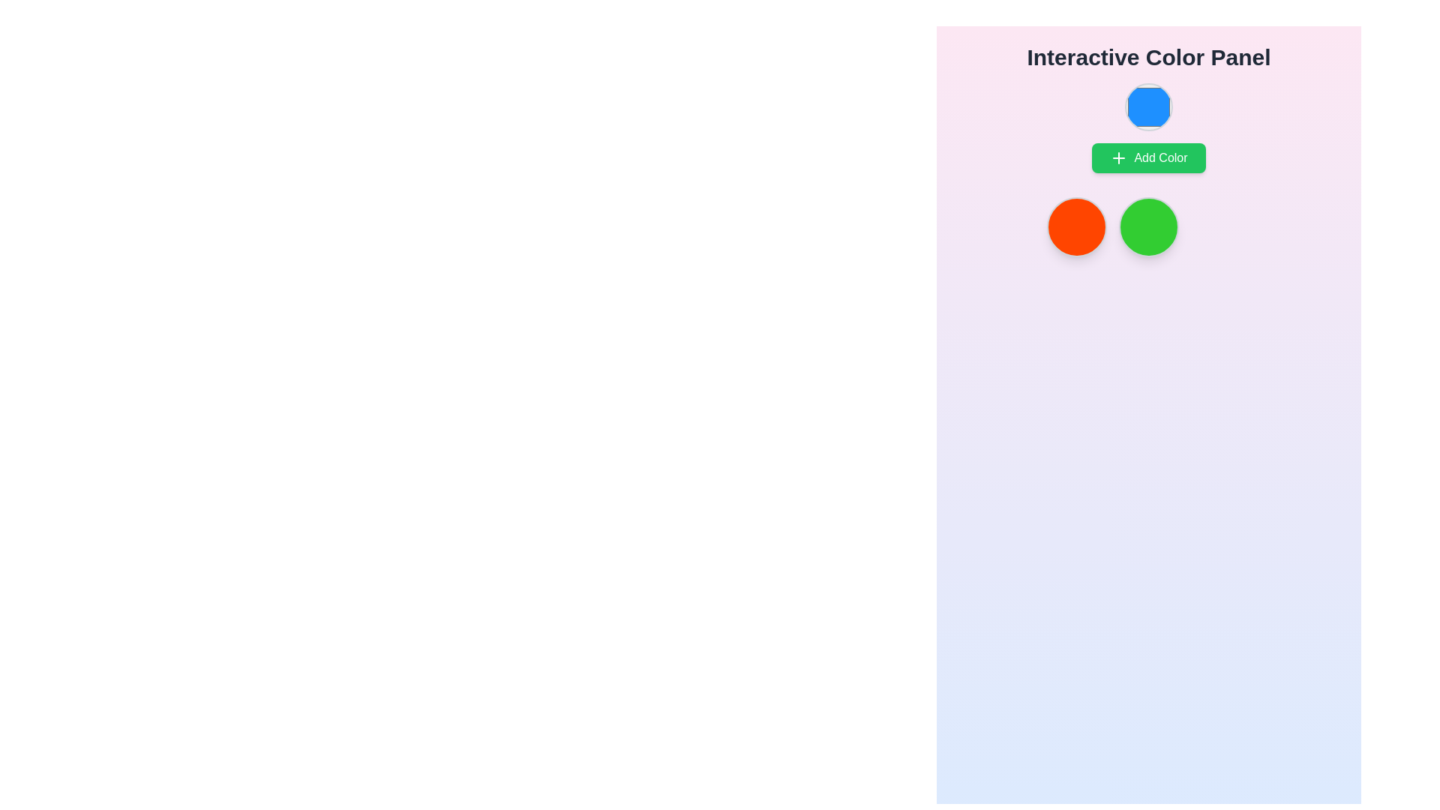 The height and width of the screenshot is (810, 1440). Describe the element at coordinates (1147, 227) in the screenshot. I see `the green circular color selection indicator, which is the second circle in a horizontal row next to an orange circle, located below the 'Interactive Color Panel'` at that location.